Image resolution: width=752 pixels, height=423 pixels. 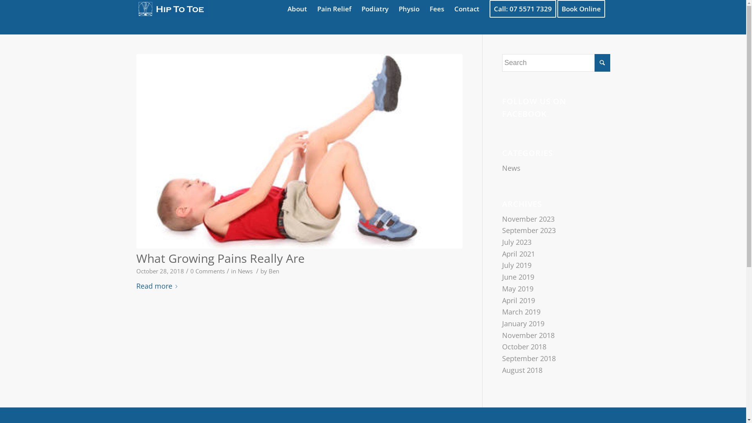 What do you see at coordinates (466, 9) in the screenshot?
I see `'Contact'` at bounding box center [466, 9].